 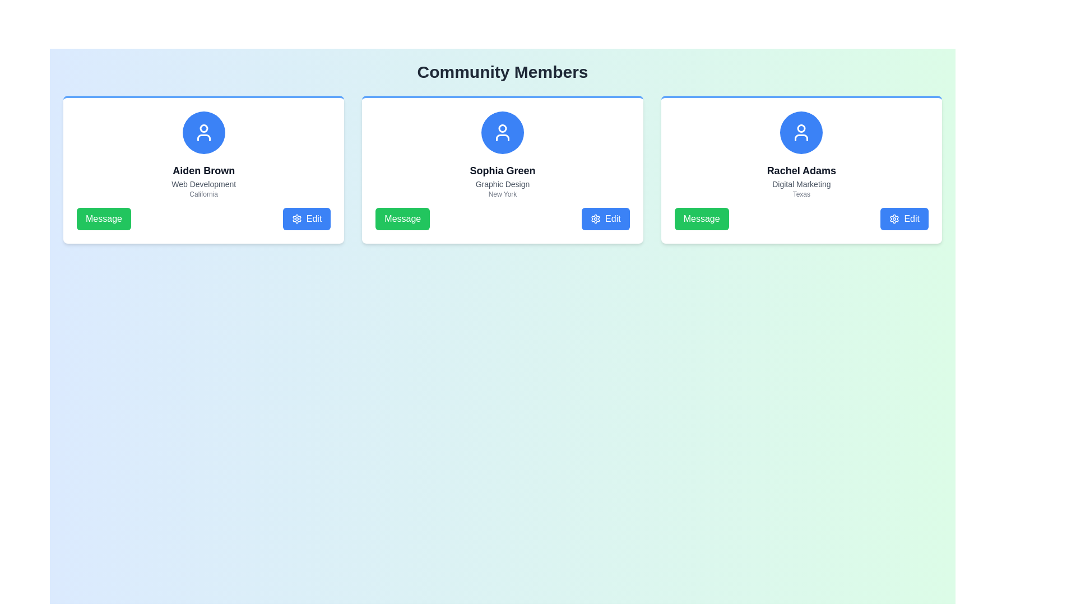 What do you see at coordinates (203, 128) in the screenshot?
I see `the graphical circular head icon located at the top-center of the user icon section within the blue circular area of the 'Aiden Brown' card` at bounding box center [203, 128].